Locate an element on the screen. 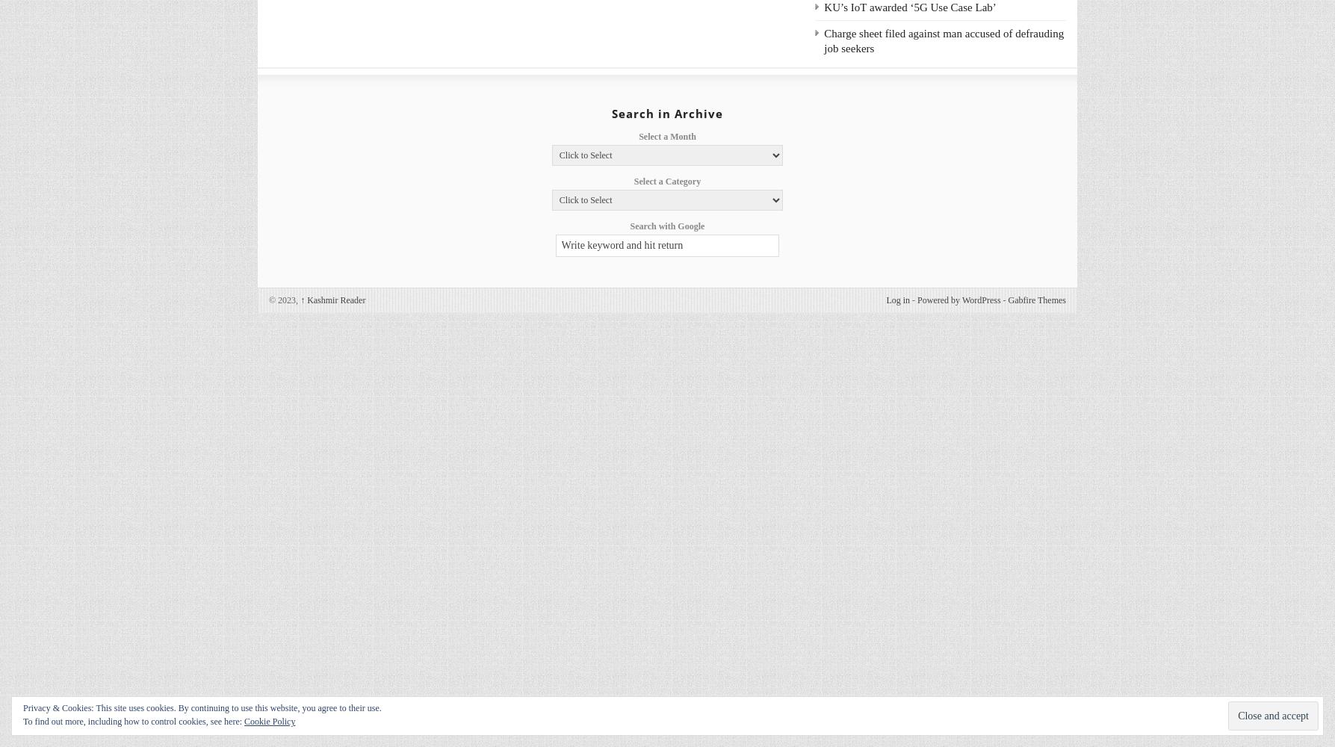 This screenshot has width=1335, height=747. 'Gabfire Themes' is located at coordinates (1007, 300).